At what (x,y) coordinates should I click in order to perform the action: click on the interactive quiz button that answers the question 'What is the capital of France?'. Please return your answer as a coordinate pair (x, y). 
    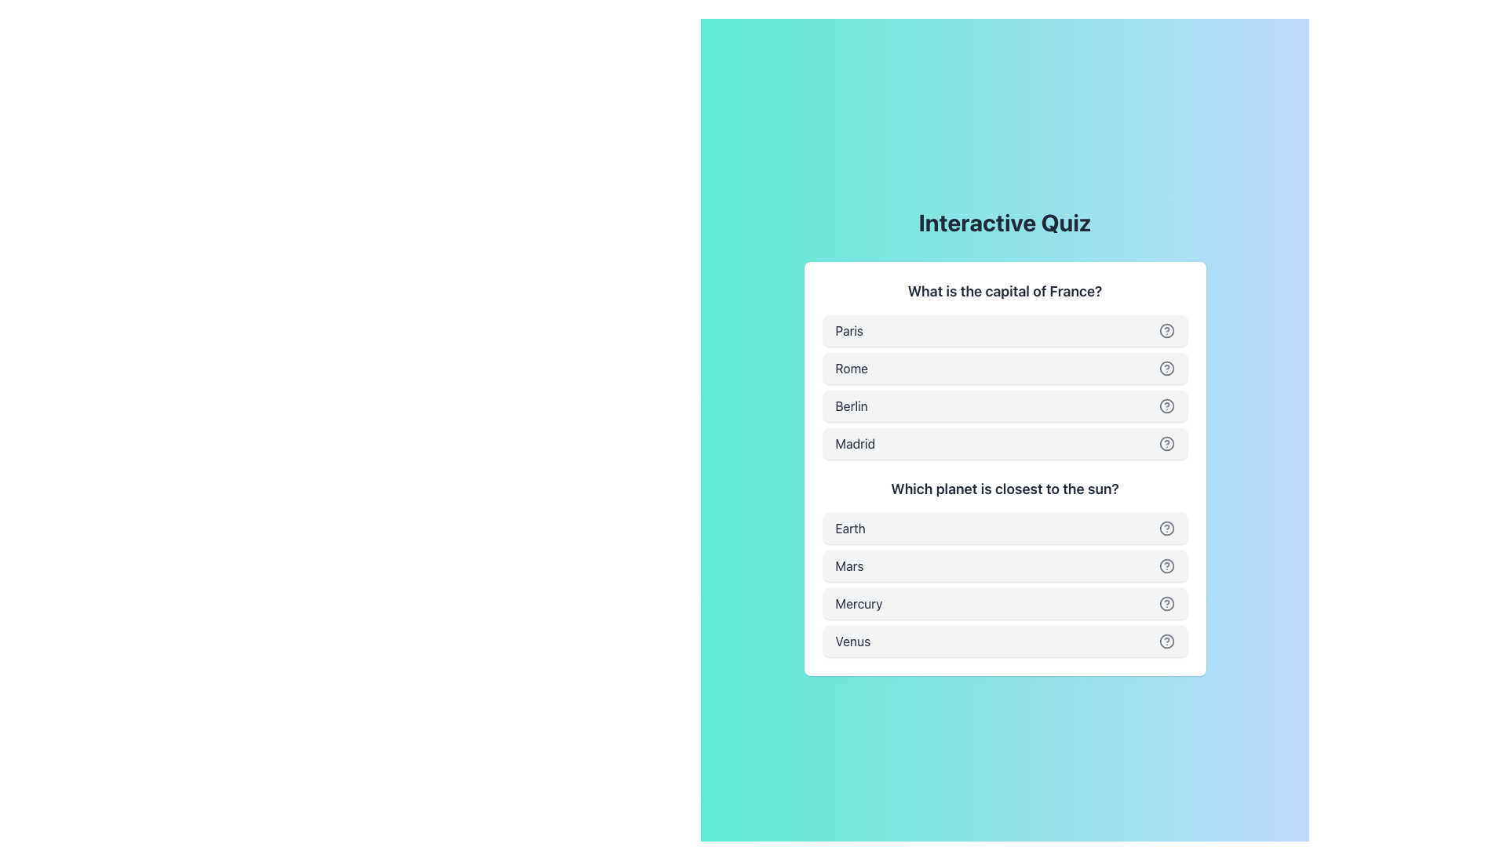
    Looking at the image, I should click on (1005, 329).